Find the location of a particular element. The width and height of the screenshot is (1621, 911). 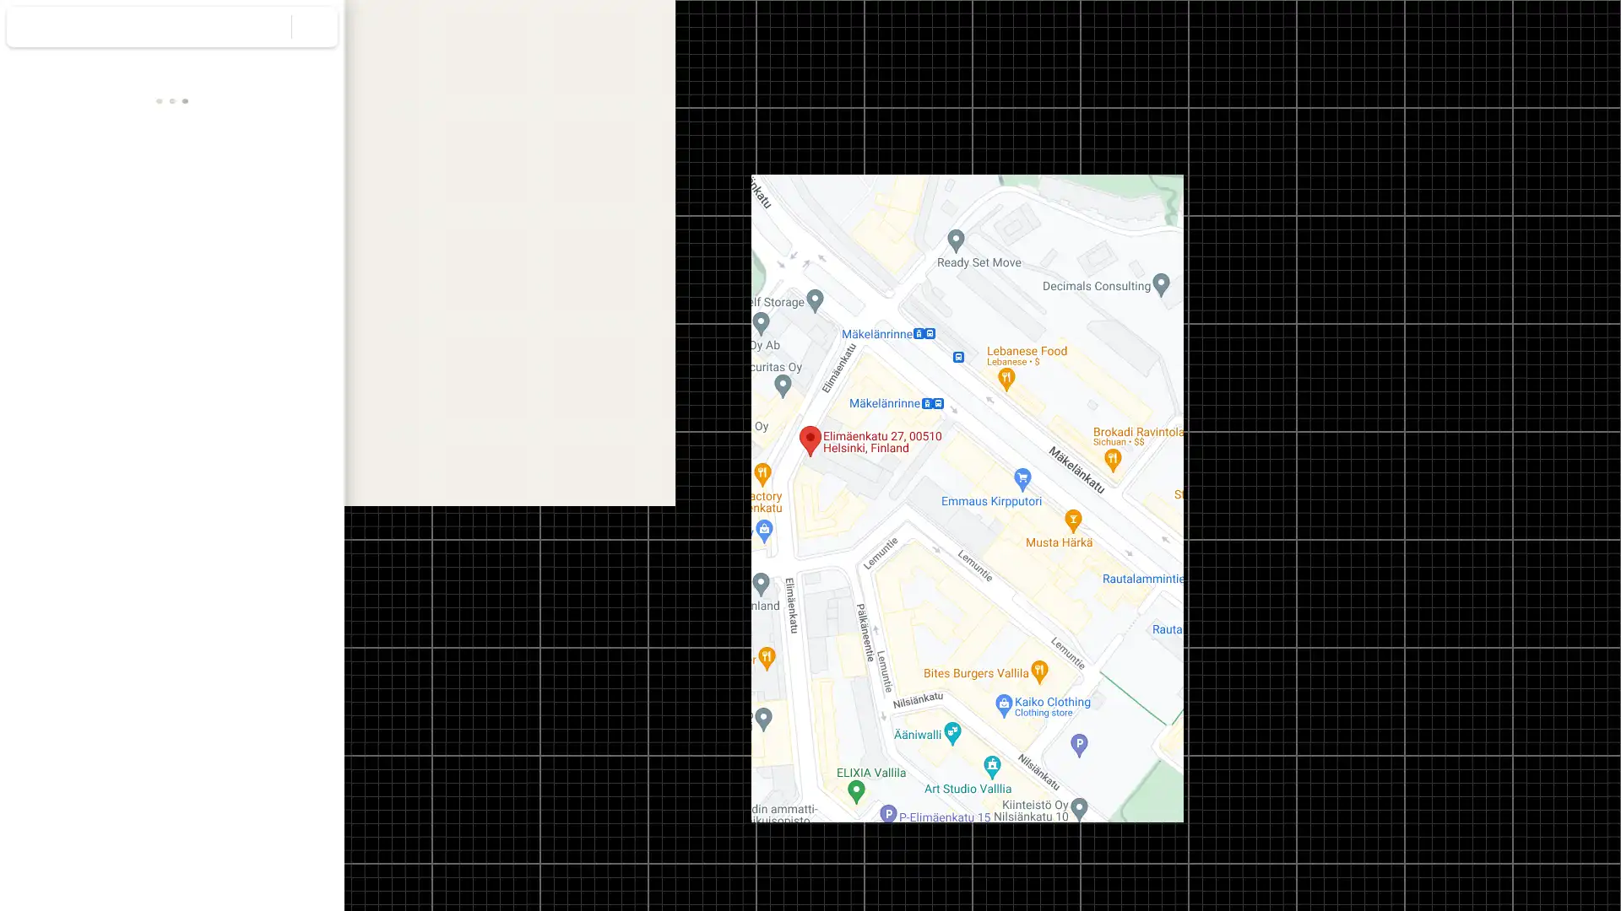

Collapse side panel is located at coordinates (353, 455).